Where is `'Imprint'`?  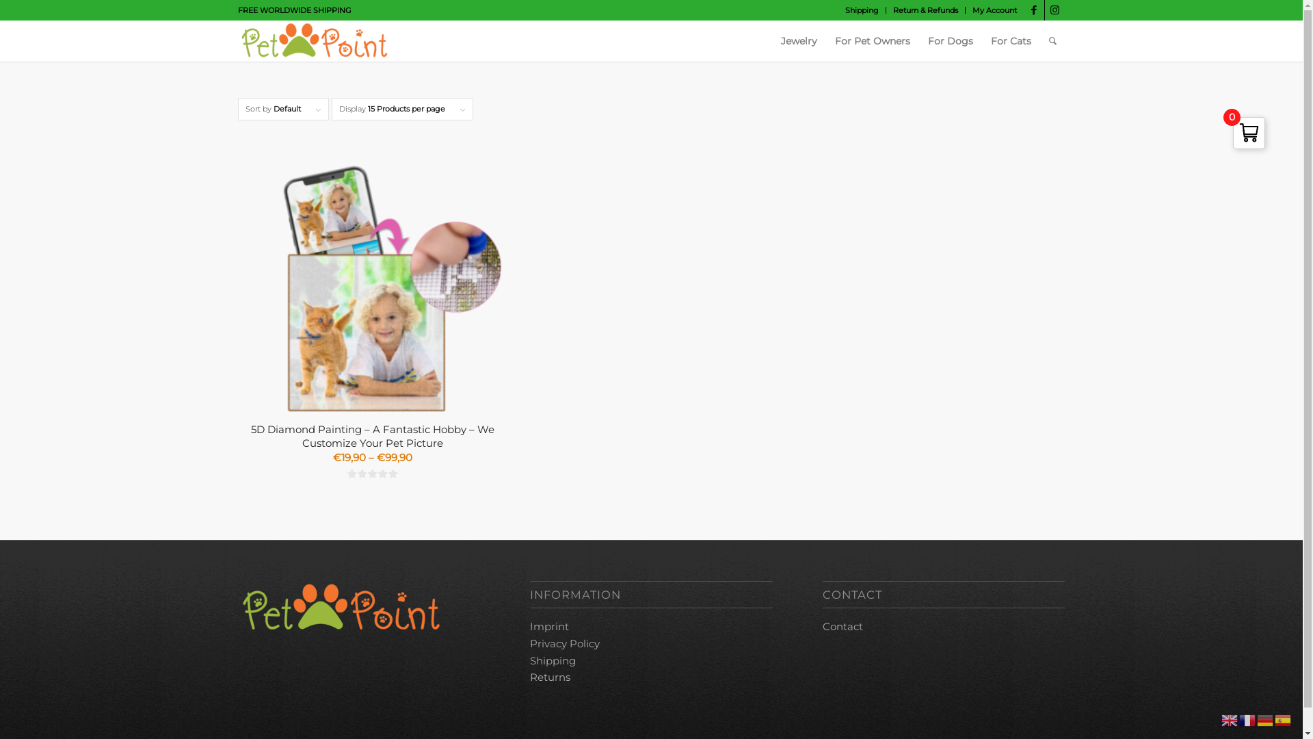 'Imprint' is located at coordinates (549, 626).